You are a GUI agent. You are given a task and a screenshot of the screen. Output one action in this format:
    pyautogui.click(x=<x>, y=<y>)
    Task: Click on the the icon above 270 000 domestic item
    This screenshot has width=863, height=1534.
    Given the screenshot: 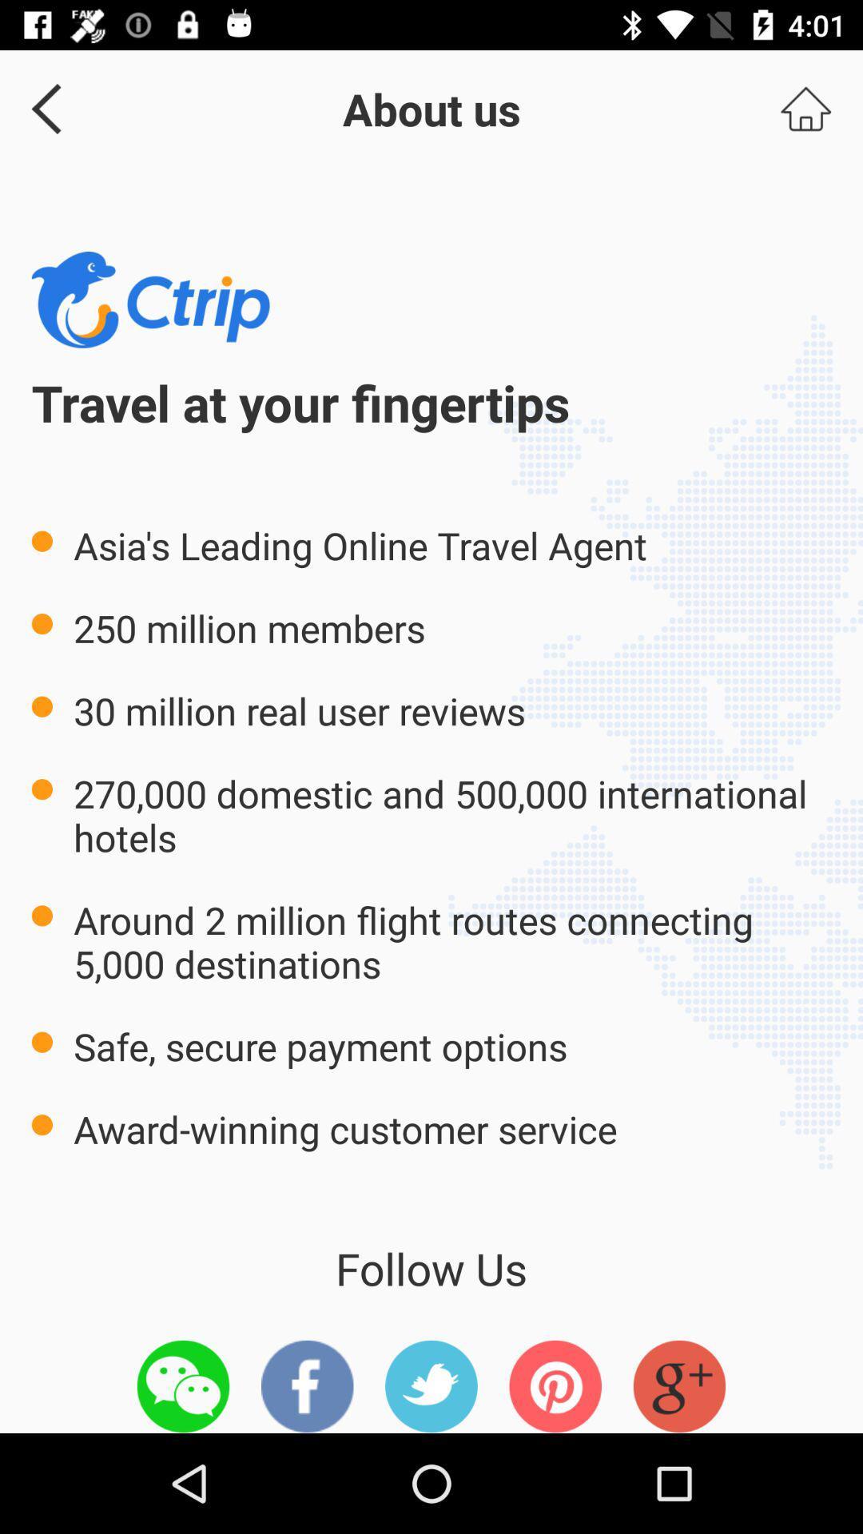 What is the action you would take?
    pyautogui.click(x=805, y=108)
    